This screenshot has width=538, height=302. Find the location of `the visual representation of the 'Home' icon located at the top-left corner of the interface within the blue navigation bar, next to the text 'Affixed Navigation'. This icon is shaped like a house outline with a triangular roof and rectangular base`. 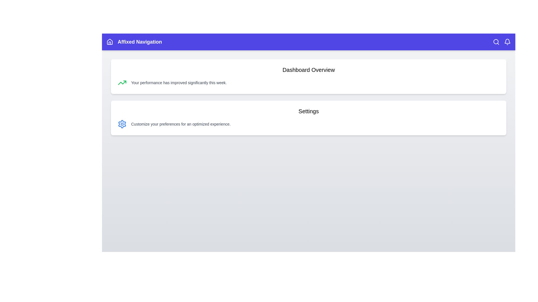

the visual representation of the 'Home' icon located at the top-left corner of the interface within the blue navigation bar, next to the text 'Affixed Navigation'. This icon is shaped like a house outline with a triangular roof and rectangular base is located at coordinates (110, 41).